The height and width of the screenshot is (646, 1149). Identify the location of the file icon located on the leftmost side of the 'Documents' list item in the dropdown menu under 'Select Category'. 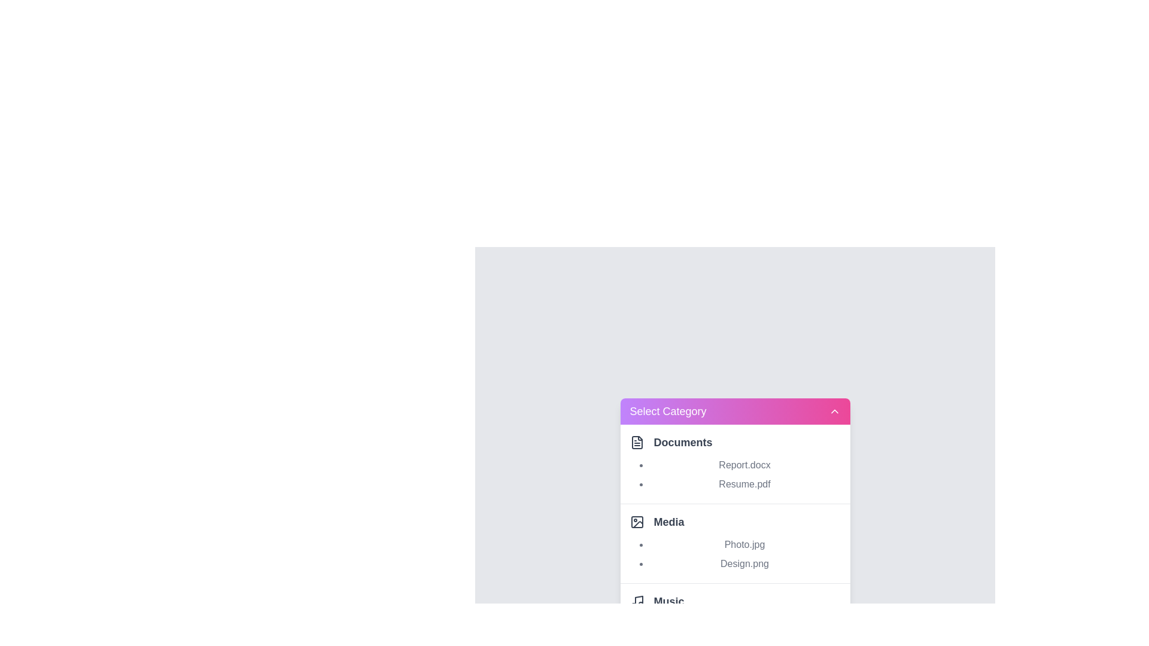
(636, 442).